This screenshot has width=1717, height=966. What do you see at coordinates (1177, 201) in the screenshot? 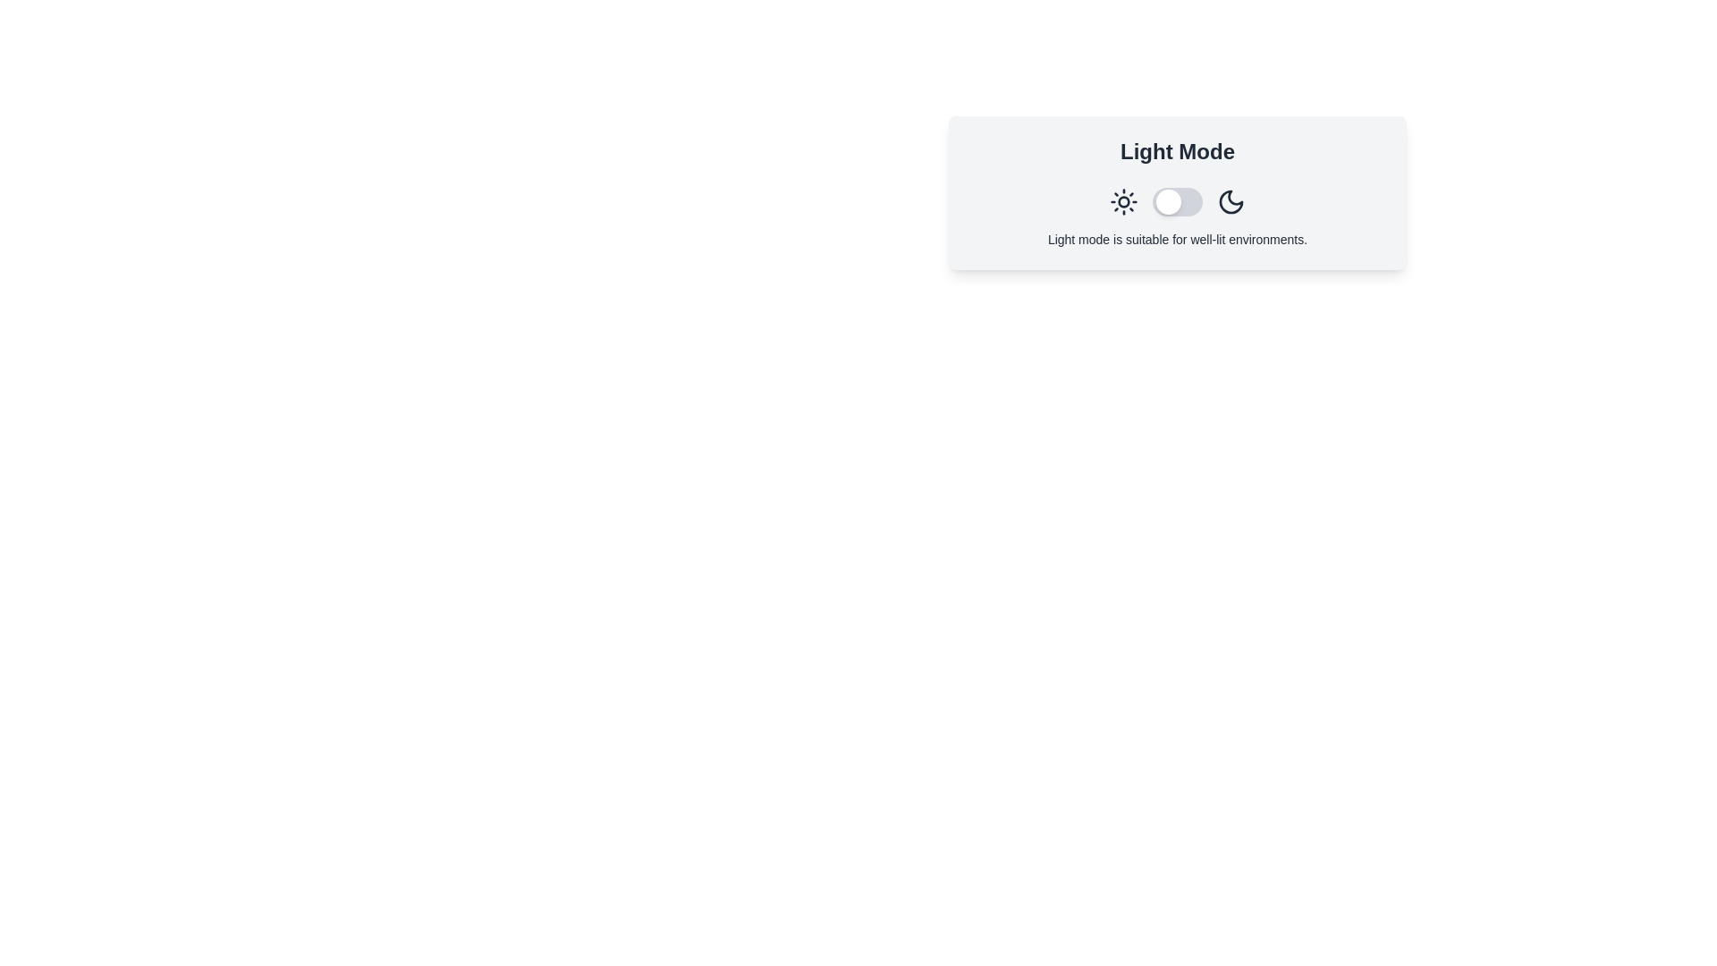
I see `the toggle switch to change the theme` at bounding box center [1177, 201].